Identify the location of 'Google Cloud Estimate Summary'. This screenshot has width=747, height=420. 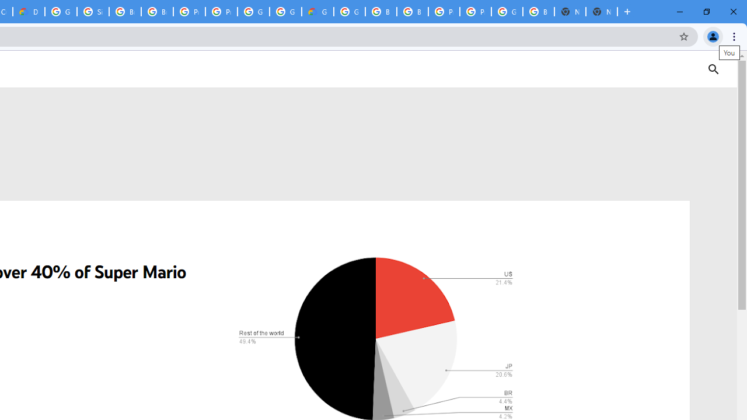
(317, 12).